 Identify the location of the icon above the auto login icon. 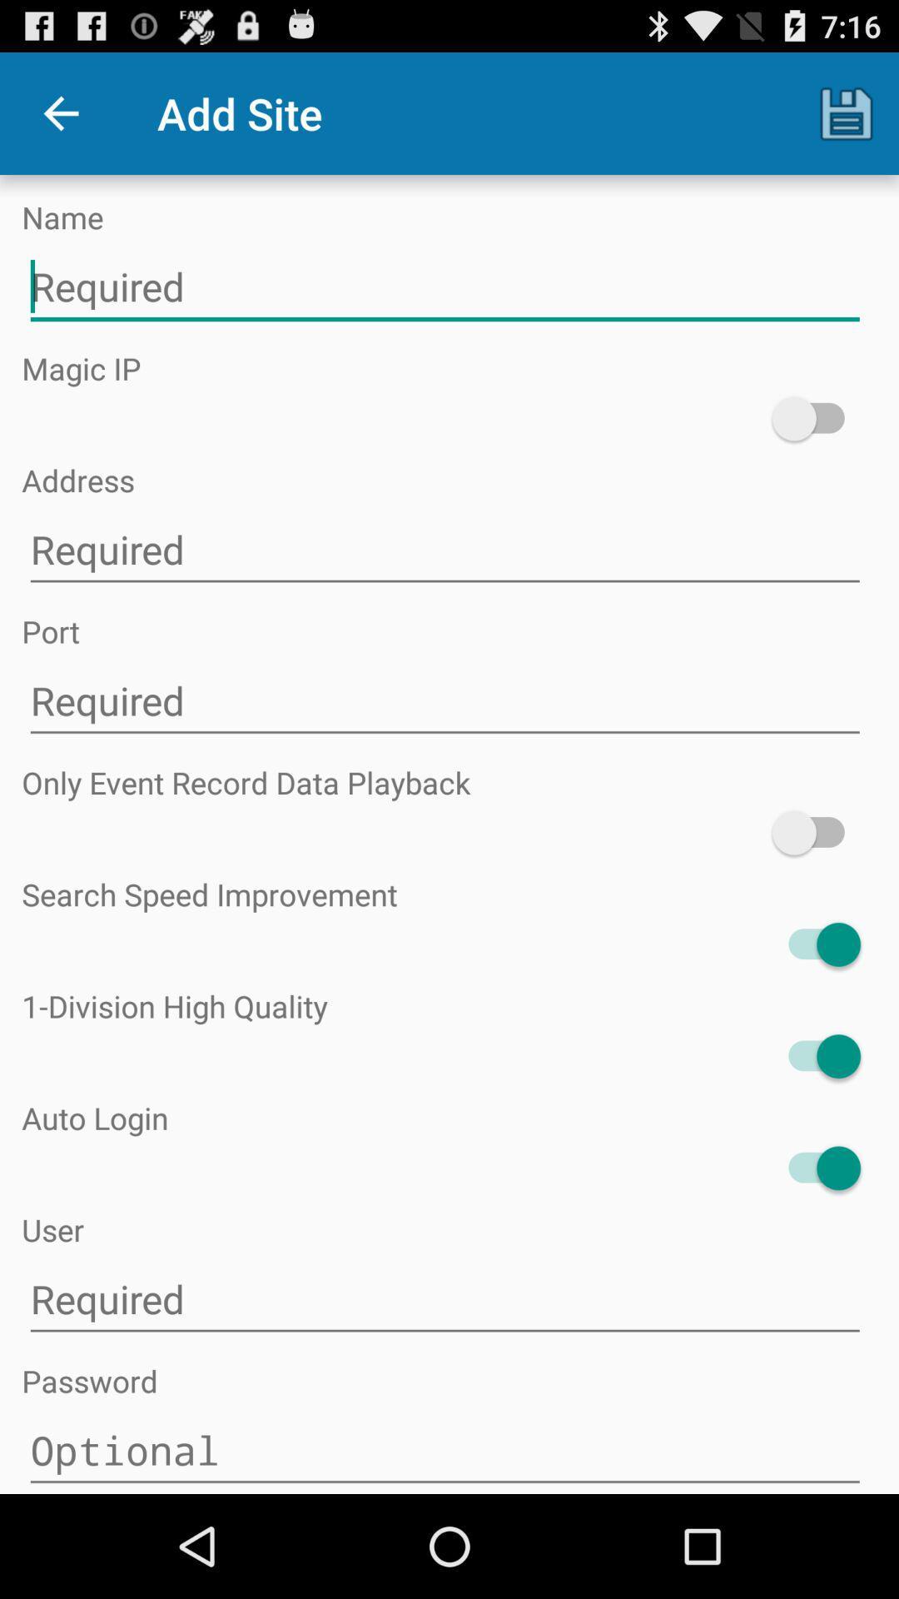
(815, 1055).